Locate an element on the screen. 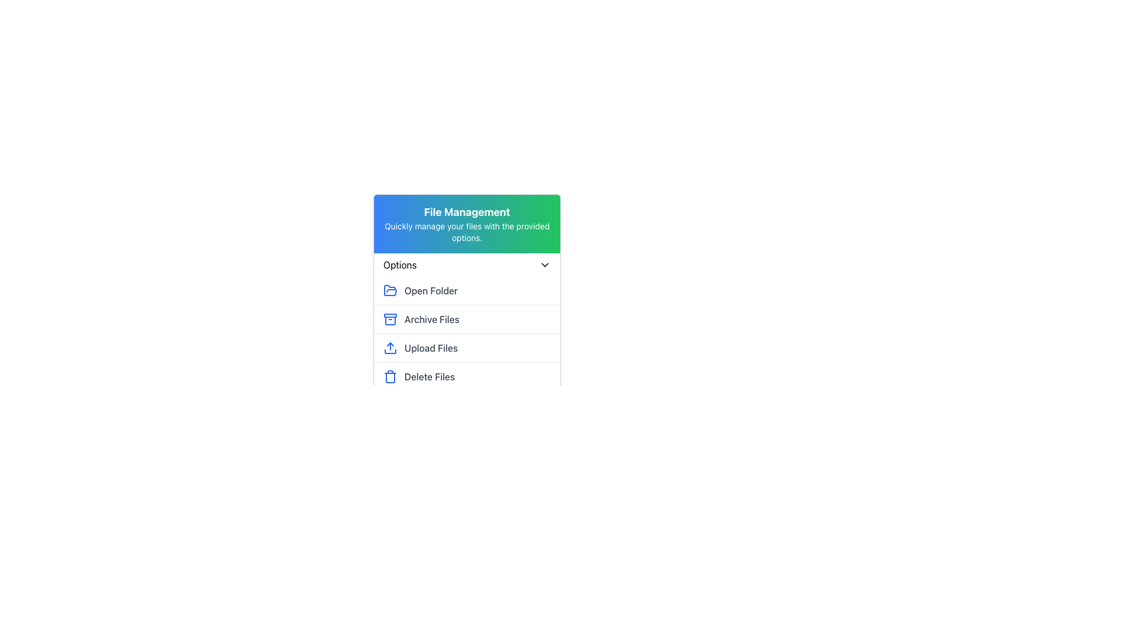 This screenshot has height=632, width=1124. the first item in the vertical list within the 'File Management' section to trigger visual feedback is located at coordinates (466, 290).